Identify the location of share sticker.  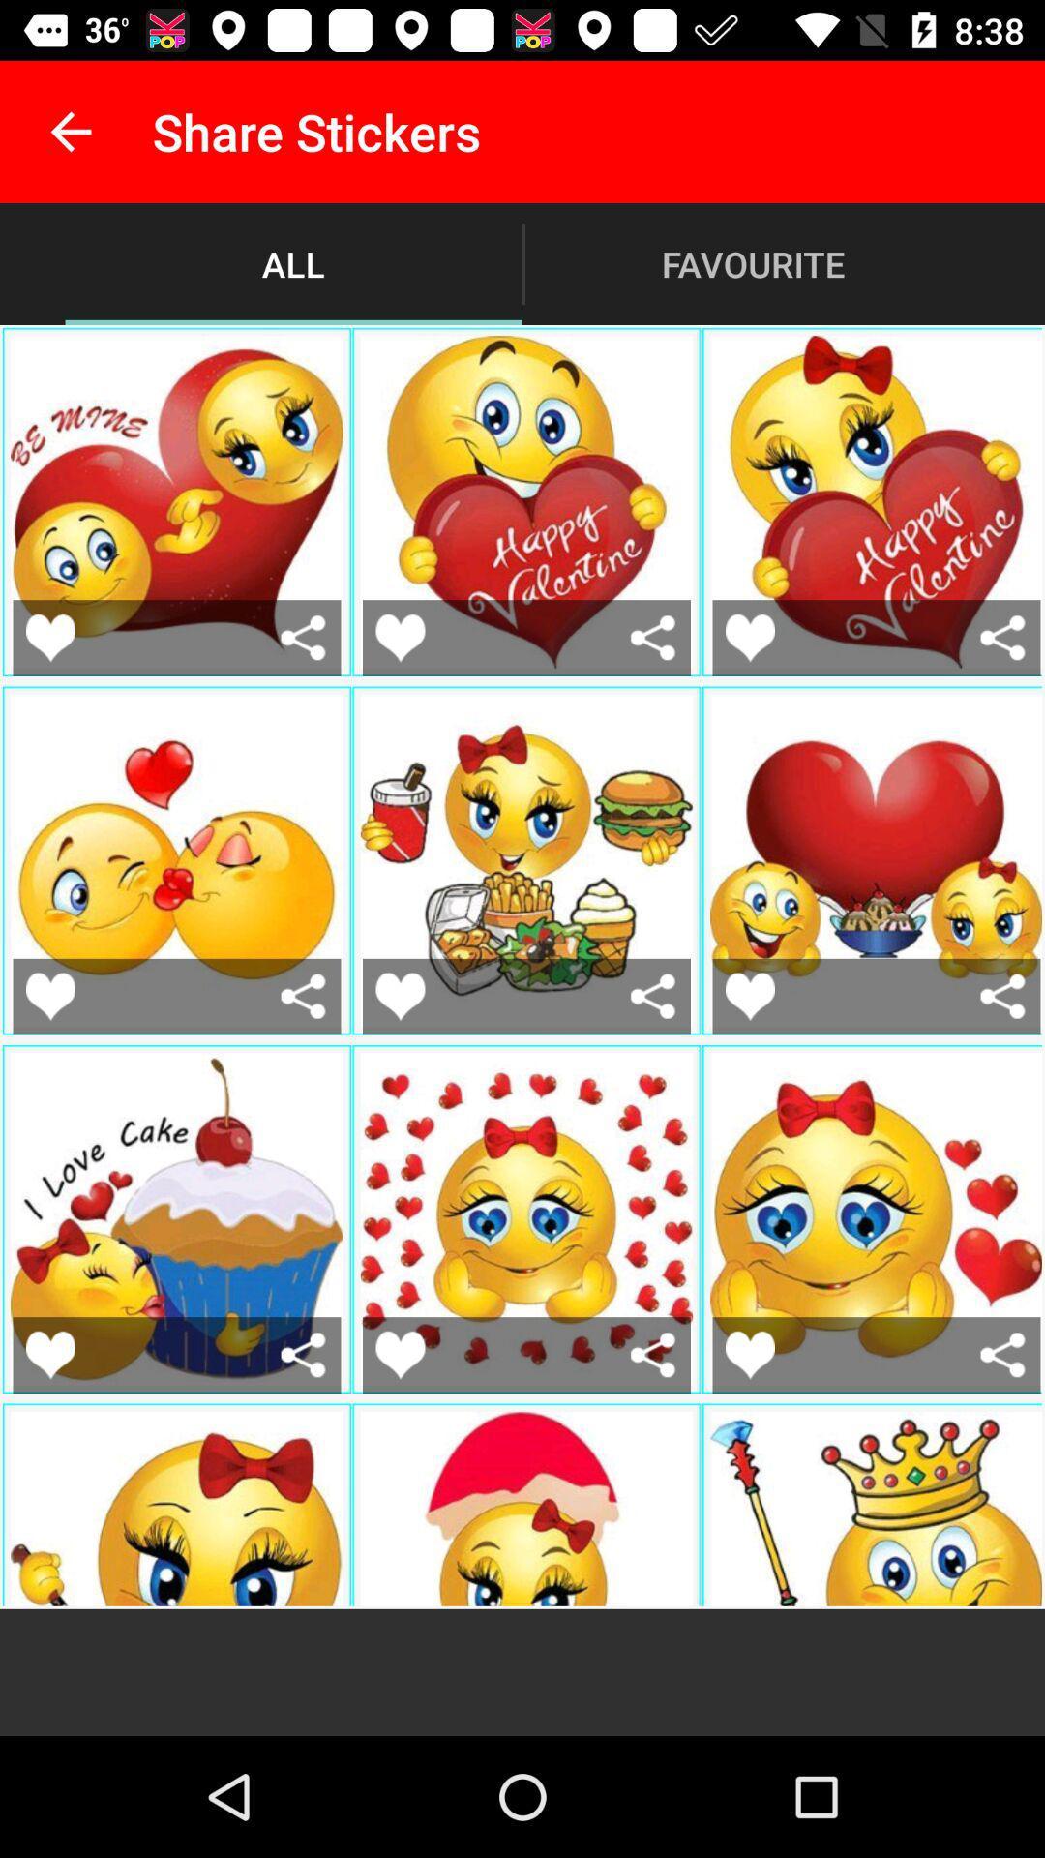
(1001, 638).